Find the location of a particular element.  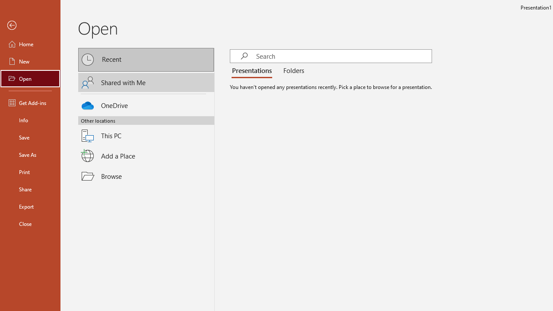

'Browse' is located at coordinates (146, 175).